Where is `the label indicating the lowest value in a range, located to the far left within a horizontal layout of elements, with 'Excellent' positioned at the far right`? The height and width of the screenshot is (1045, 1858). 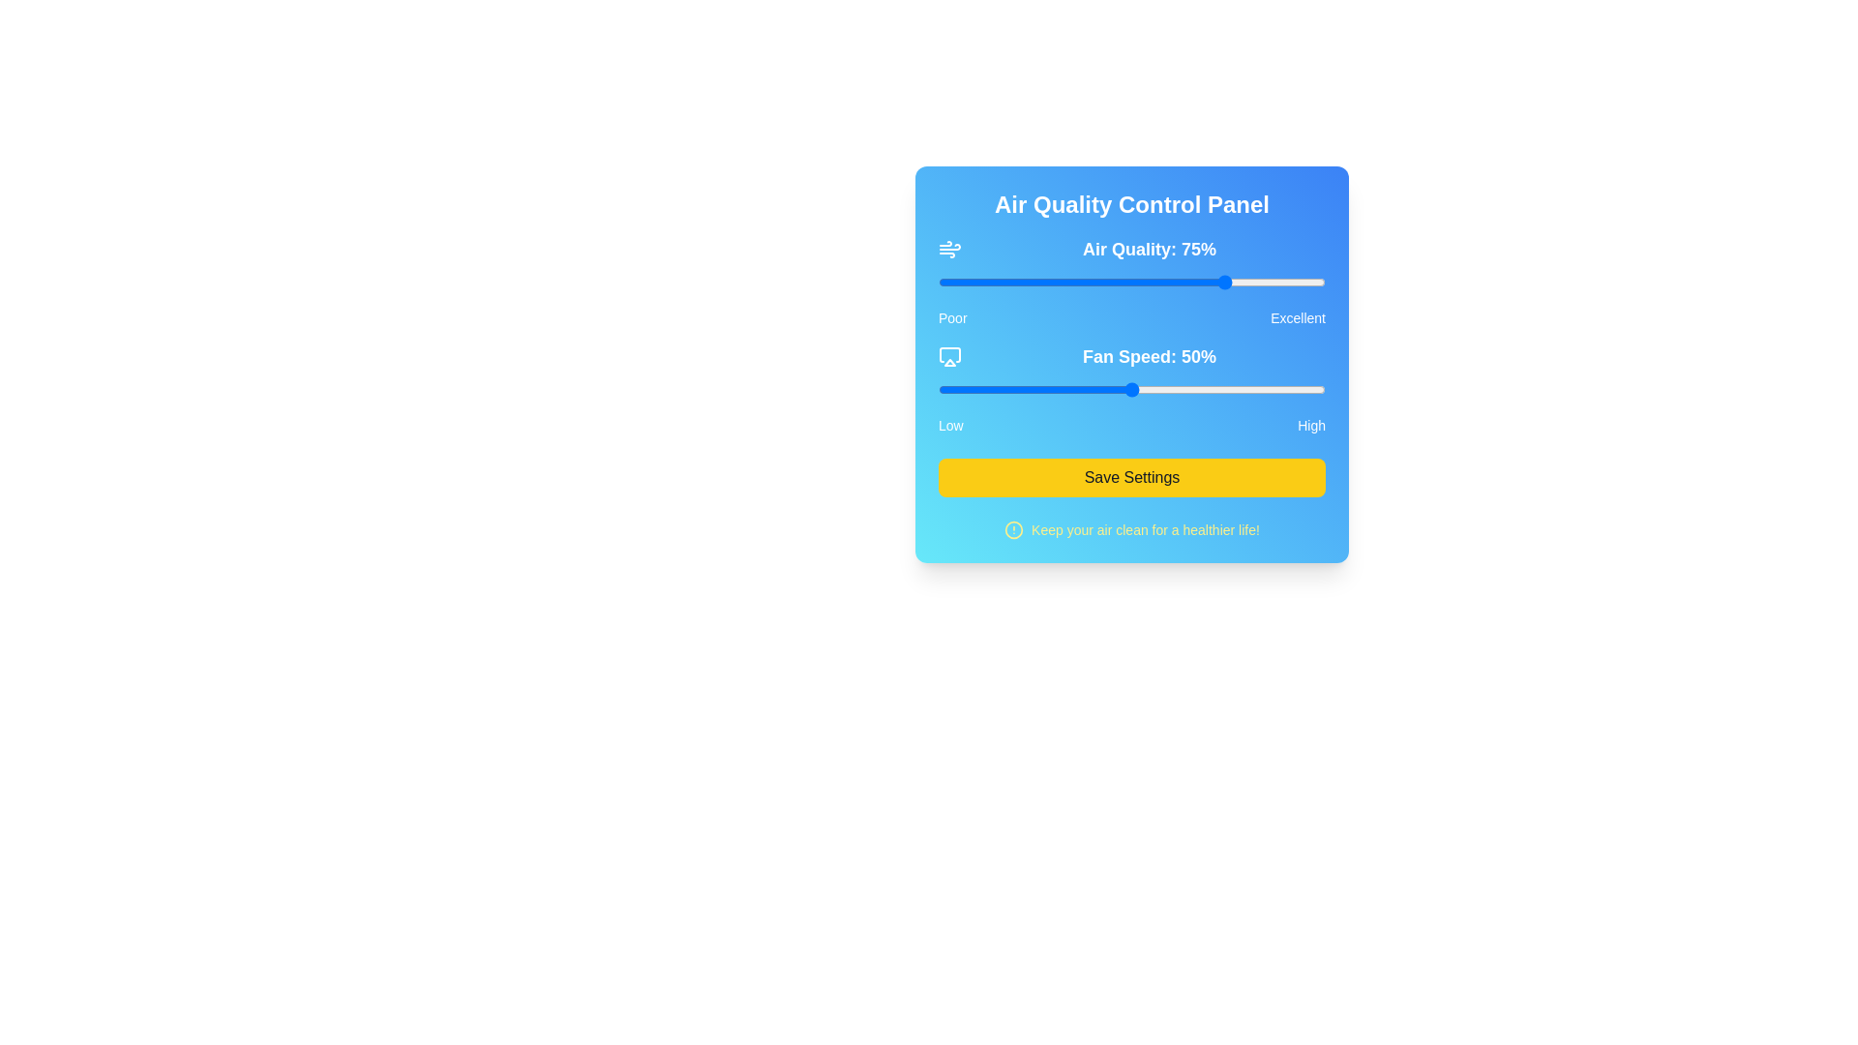 the label indicating the lowest value in a range, located to the far left within a horizontal layout of elements, with 'Excellent' positioned at the far right is located at coordinates (952, 316).